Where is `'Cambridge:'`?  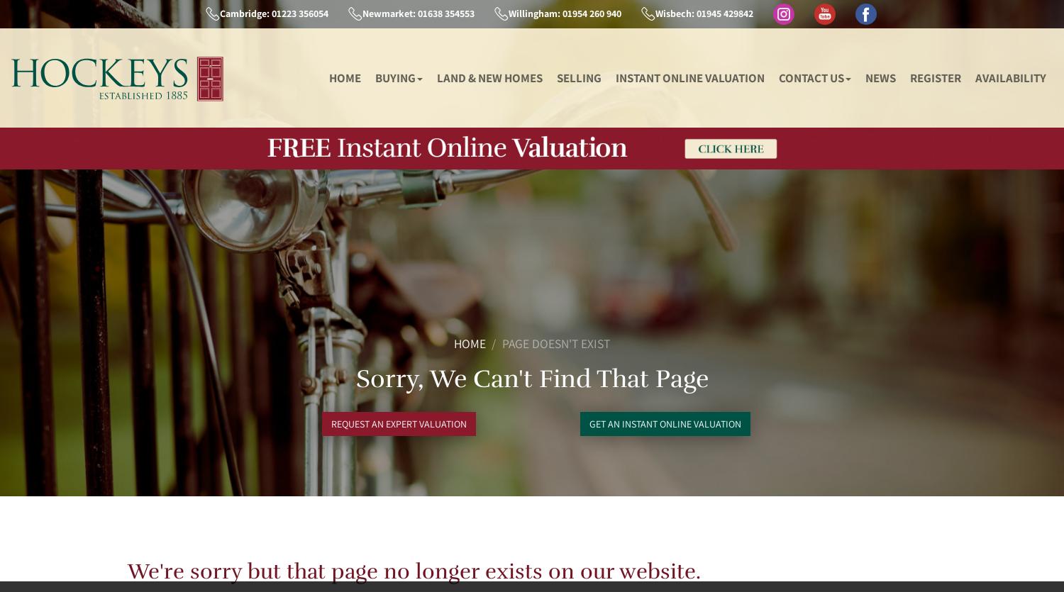
'Cambridge:' is located at coordinates (243, 13).